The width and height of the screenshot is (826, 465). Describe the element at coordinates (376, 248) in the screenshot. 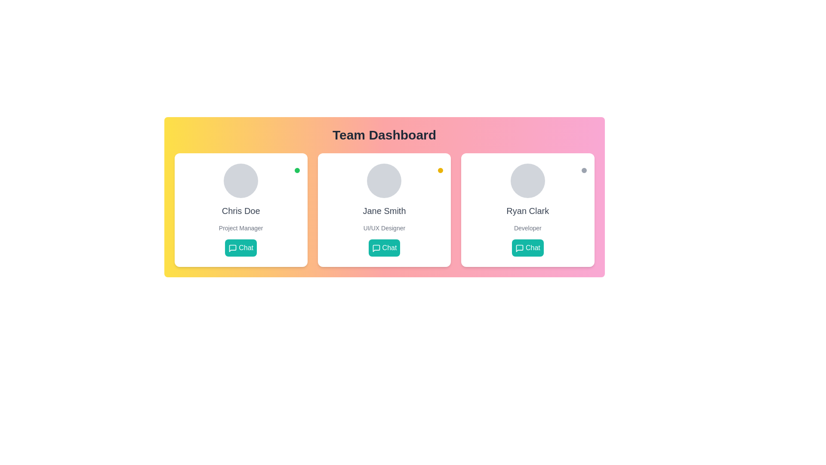

I see `the 'Chat' button which features a teal speech bubble icon, located at the bottom of Jane Smith's card in the Team Dashboard interface` at that location.